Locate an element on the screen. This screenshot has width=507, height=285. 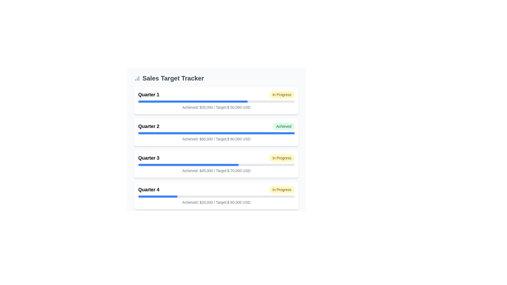
the fill level of the progress bar in the 'Quarter 2' section of the 'Sales Target Tracker' interface, positioned below 'Quarter 2 Achieved' and above 'Achieved: $60,000 / Target: $60,000 USD' is located at coordinates (216, 133).